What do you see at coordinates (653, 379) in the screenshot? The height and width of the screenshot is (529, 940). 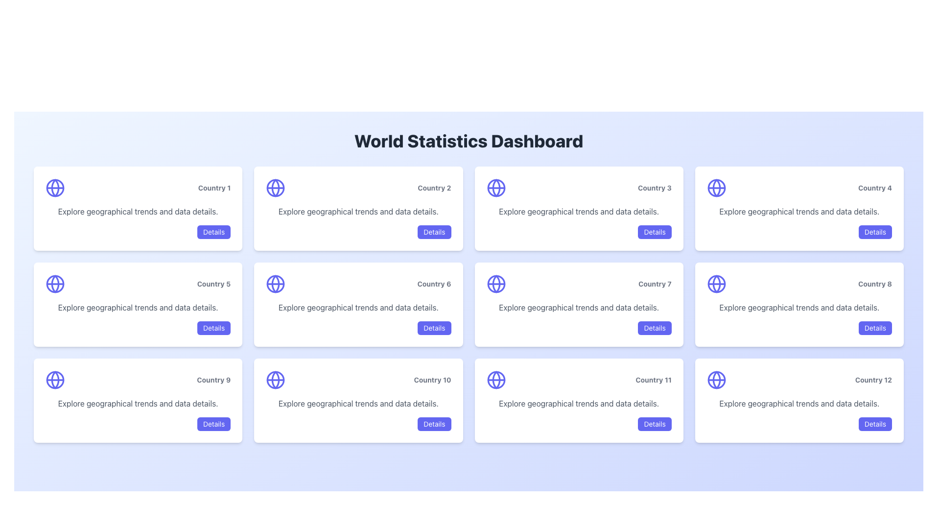 I see `the text label indicating 'Country 11', which is located in the bottom row of the card grid, specifically the second card from the left, positioned to the right of the globe icon and above the 'Details' button` at bounding box center [653, 379].